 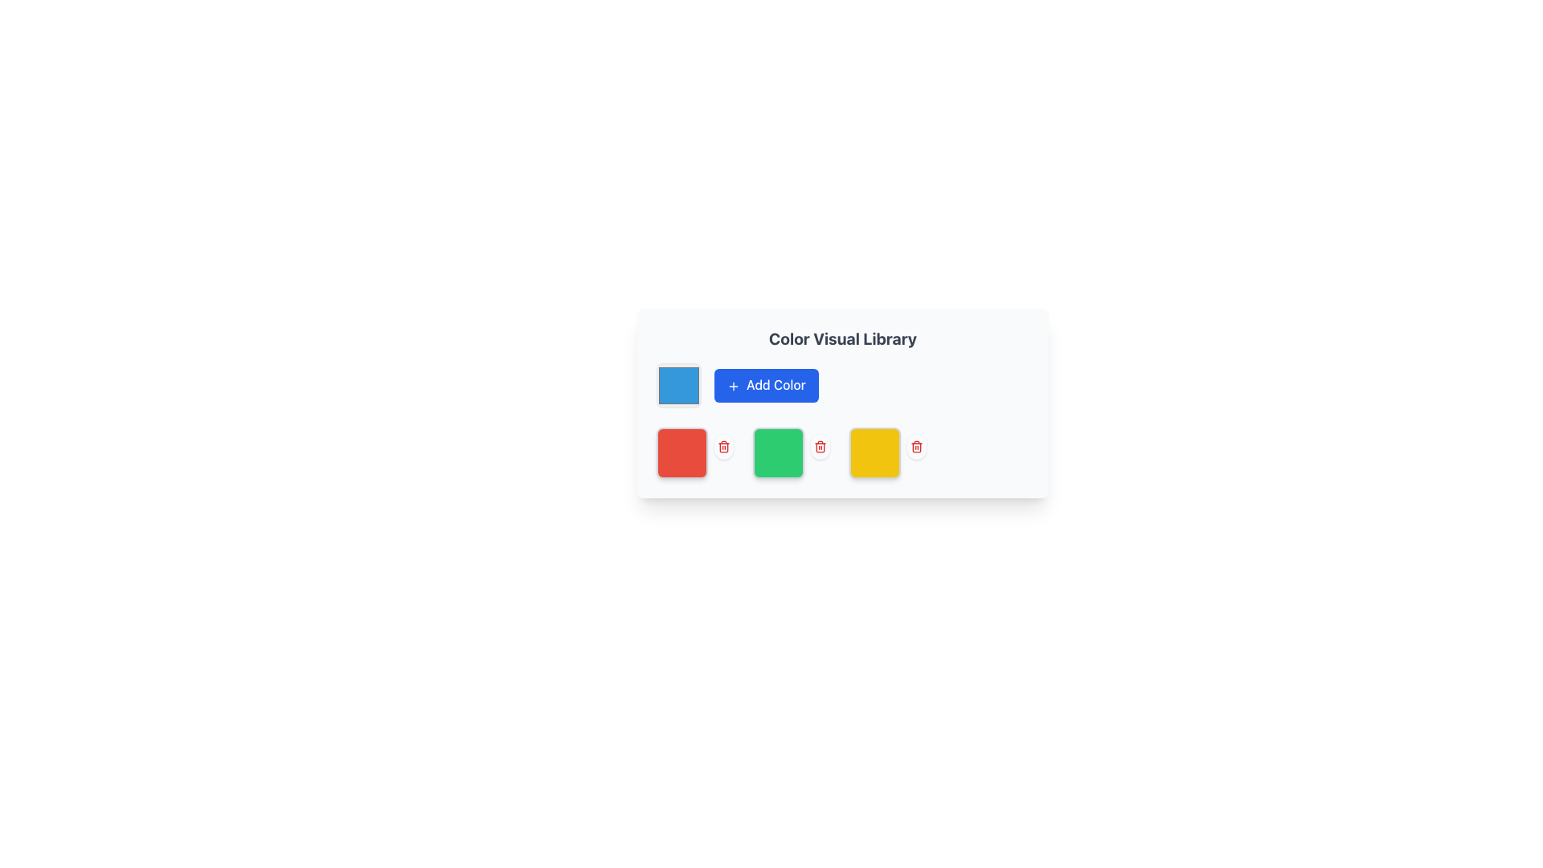 What do you see at coordinates (698, 452) in the screenshot?
I see `the red square with rounded corners located in the second column of the first row in a grid layout` at bounding box center [698, 452].